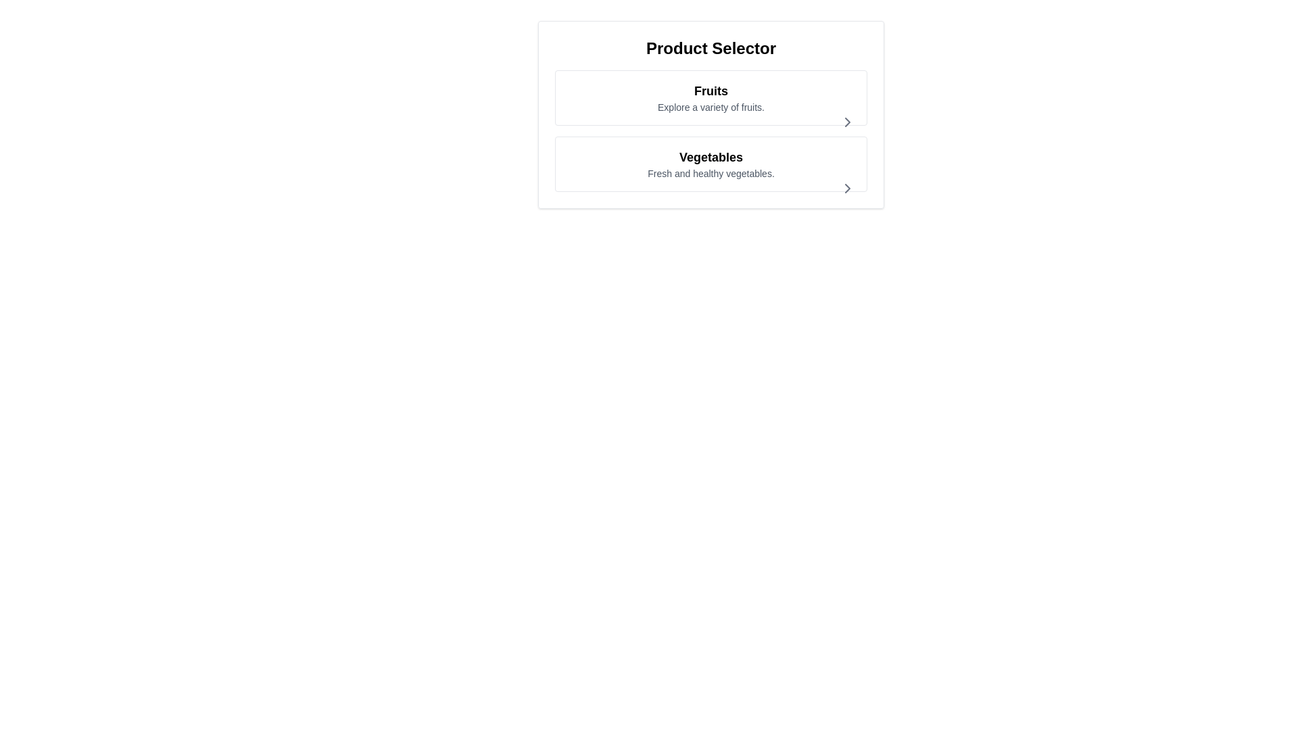  Describe the element at coordinates (710, 164) in the screenshot. I see `the interactive block representing a selectable option for vegetables` at that location.